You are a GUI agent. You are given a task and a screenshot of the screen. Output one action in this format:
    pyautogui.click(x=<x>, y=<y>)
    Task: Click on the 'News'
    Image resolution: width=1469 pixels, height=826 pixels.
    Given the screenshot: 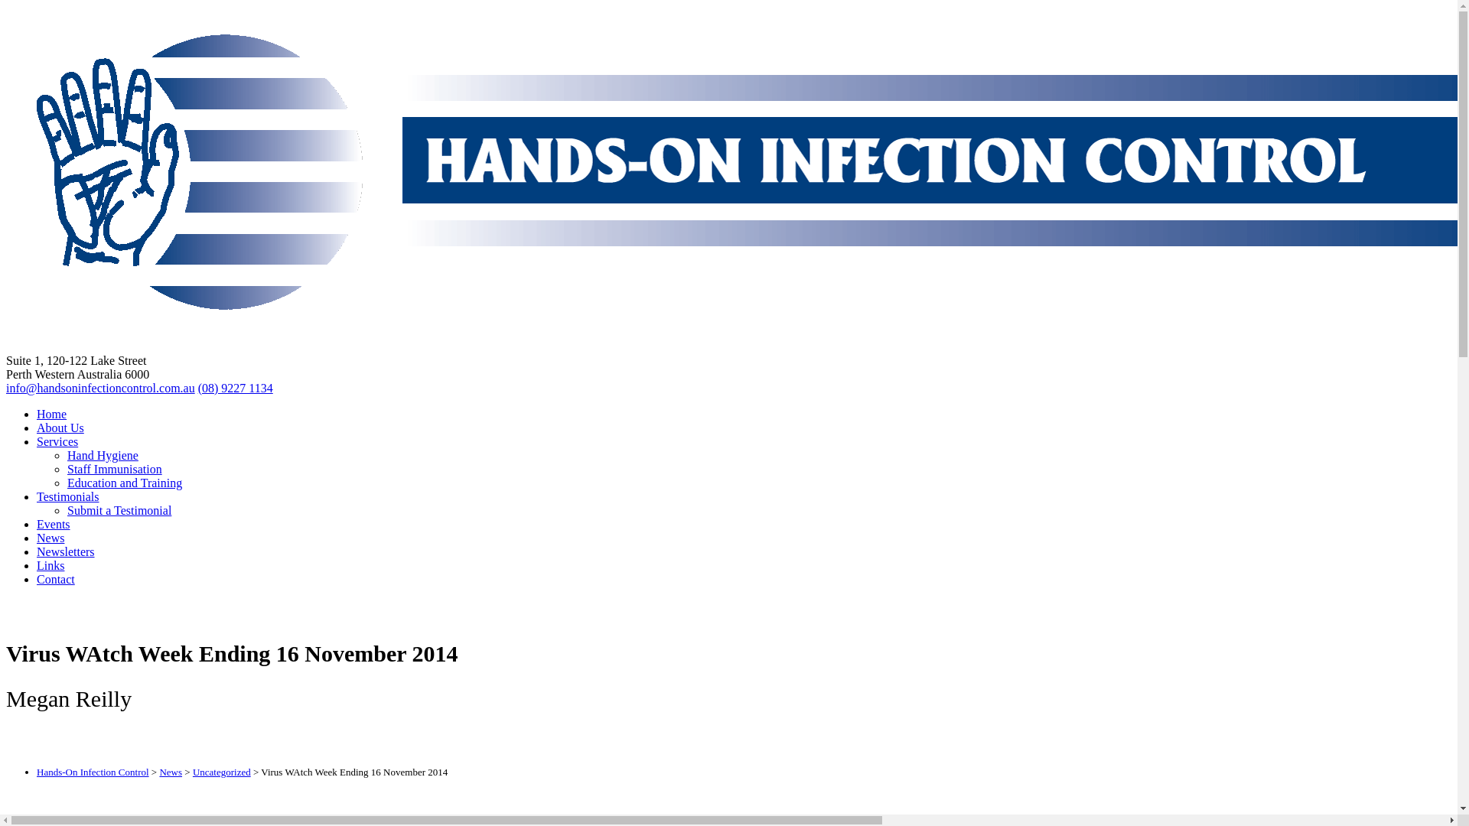 What is the action you would take?
    pyautogui.click(x=170, y=772)
    